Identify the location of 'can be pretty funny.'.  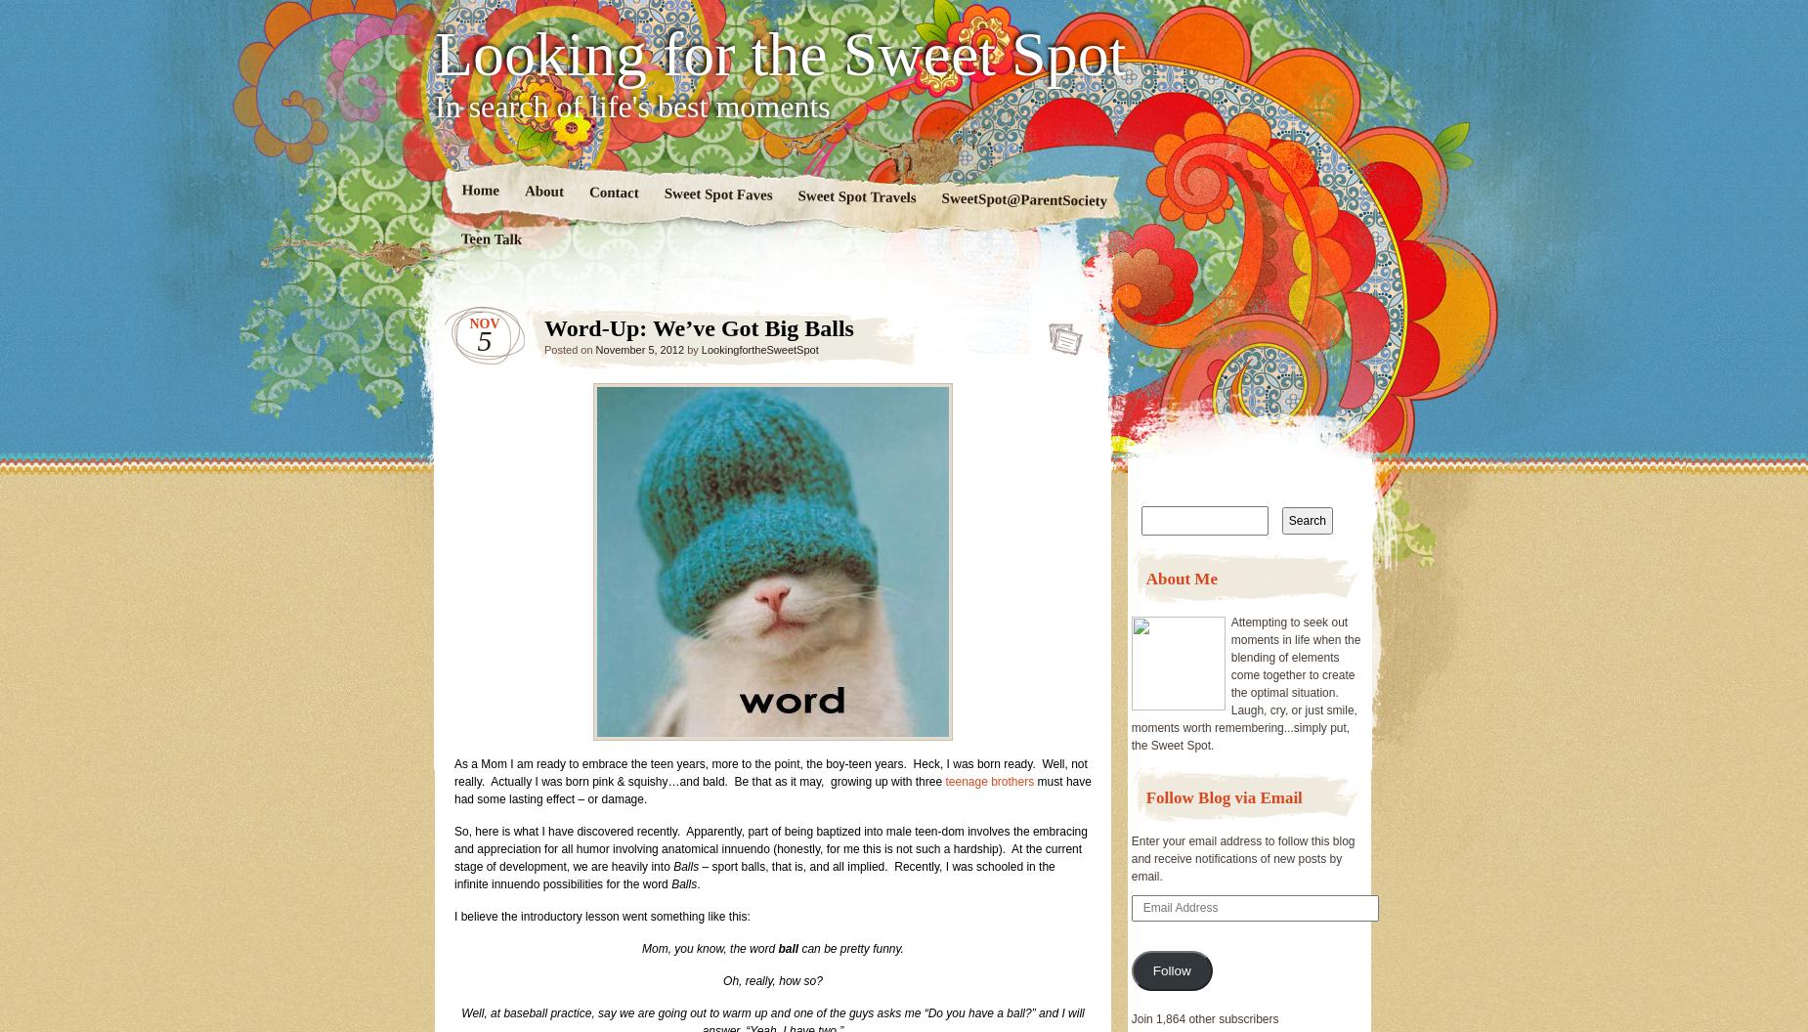
(850, 948).